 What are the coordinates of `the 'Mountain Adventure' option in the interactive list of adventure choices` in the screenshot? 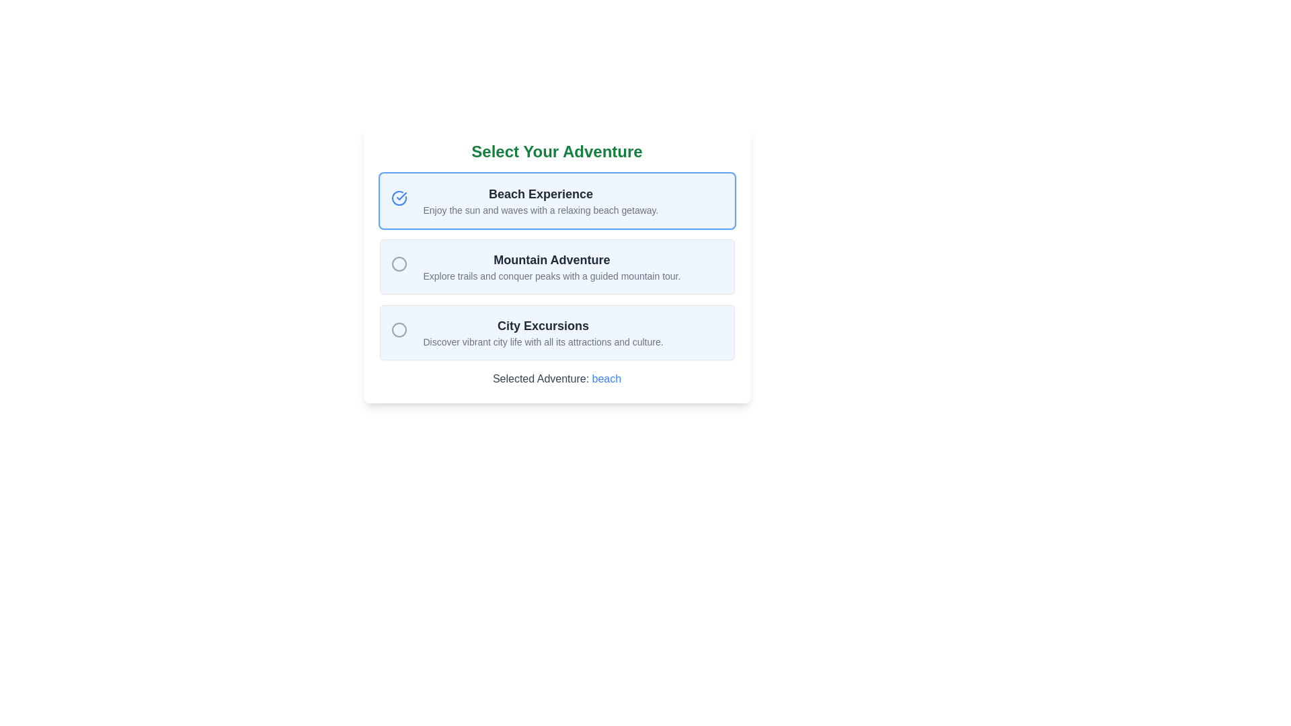 It's located at (557, 267).